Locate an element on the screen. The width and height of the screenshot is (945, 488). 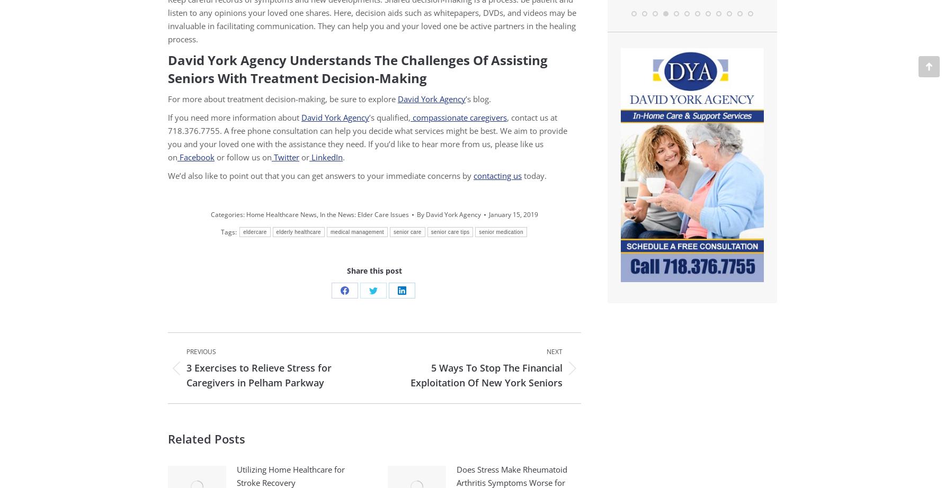
'.' is located at coordinates (343, 156).